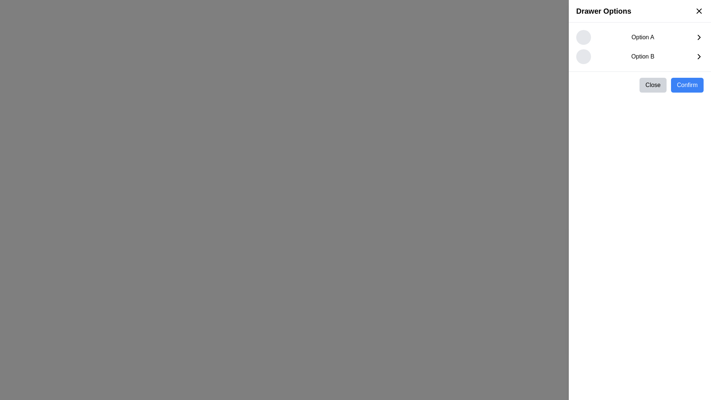  What do you see at coordinates (698, 37) in the screenshot?
I see `the rightward chevron icon located to the right of 'Option A'` at bounding box center [698, 37].